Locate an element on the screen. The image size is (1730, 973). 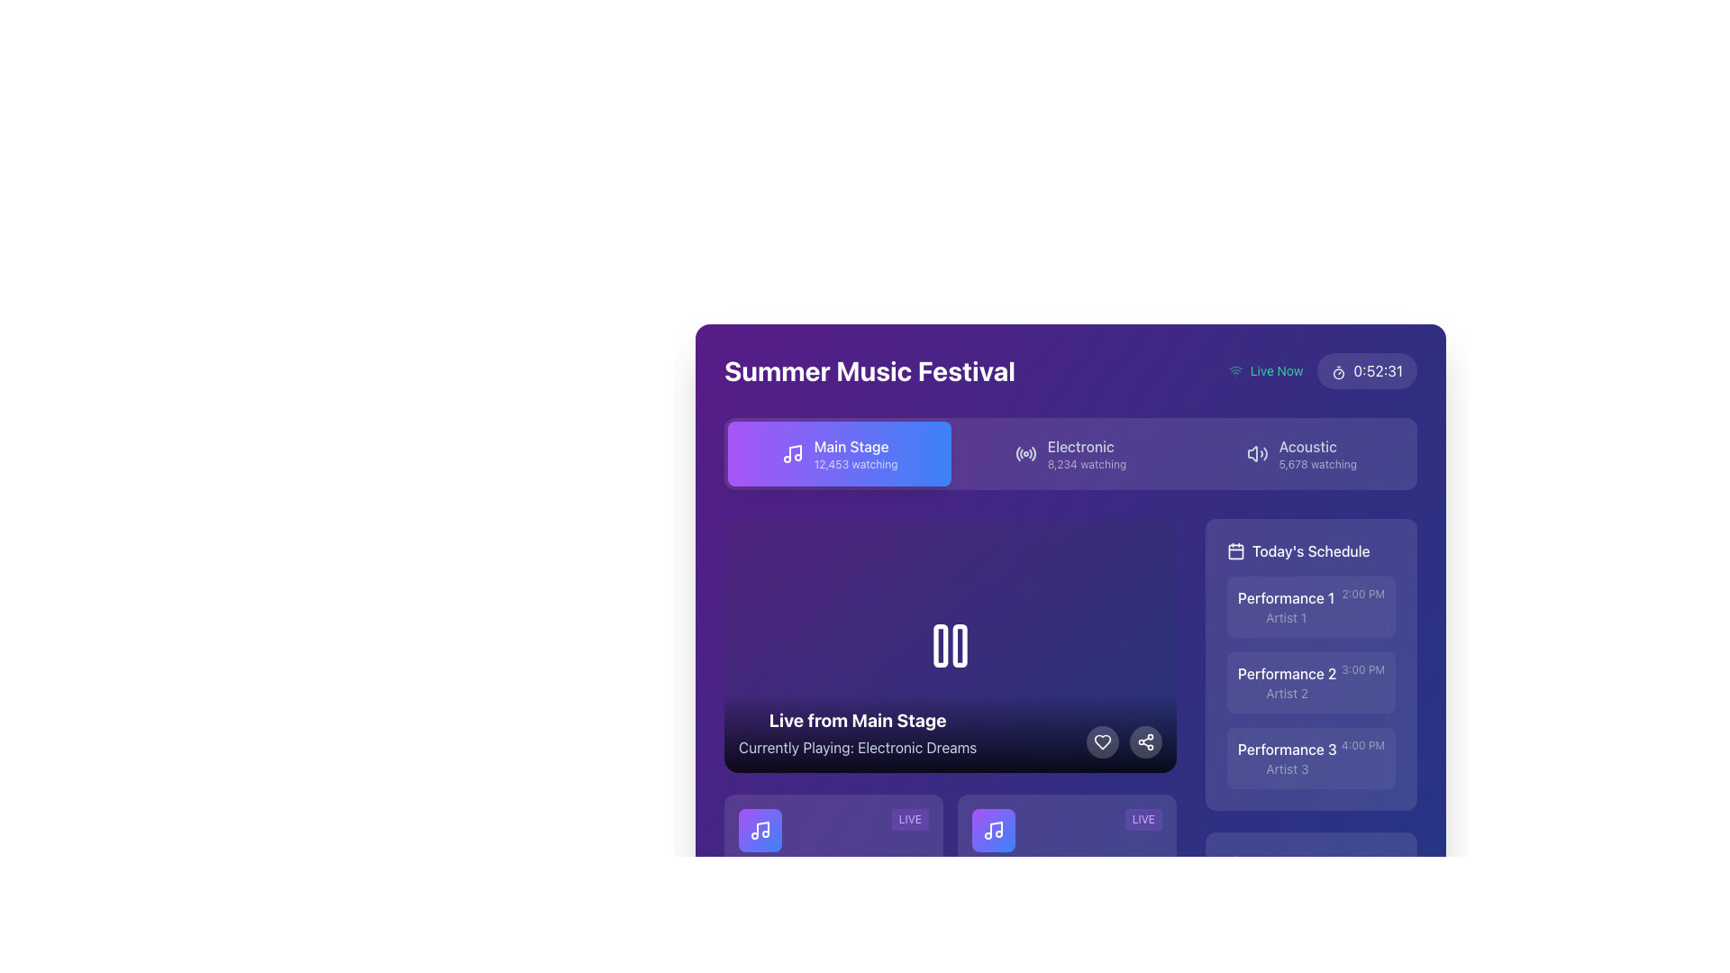
the non-interactive text label displaying the scheduled time for 'Performance 3' in the 'Today's Schedule' list, located at the bottom right corner adjacent to 'Artist 3' is located at coordinates (1362, 746).